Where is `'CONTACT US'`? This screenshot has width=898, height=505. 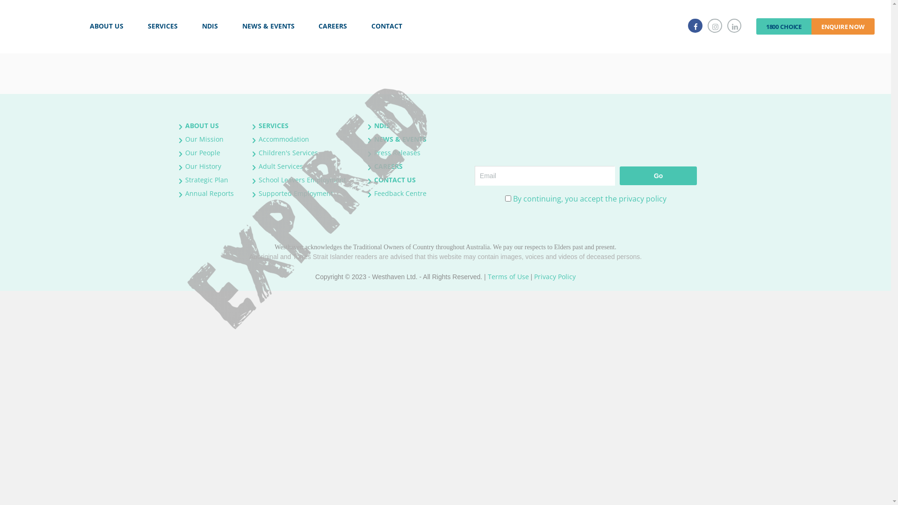 'CONTACT US' is located at coordinates (395, 180).